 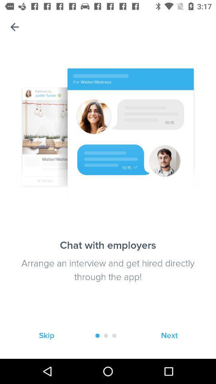 I want to click on the icon at the bottom right corner, so click(x=169, y=336).